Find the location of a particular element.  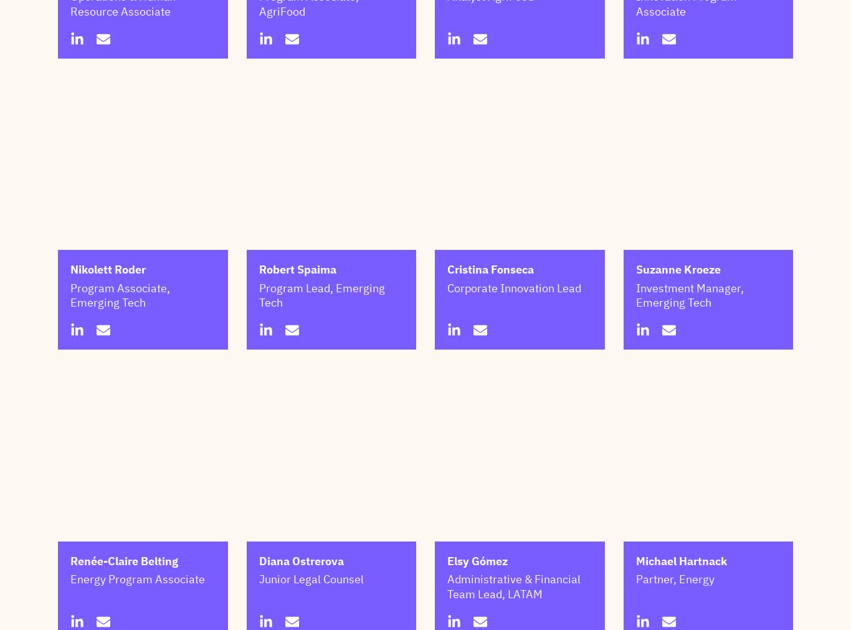

'Nikolett Roder' is located at coordinates (70, 332).